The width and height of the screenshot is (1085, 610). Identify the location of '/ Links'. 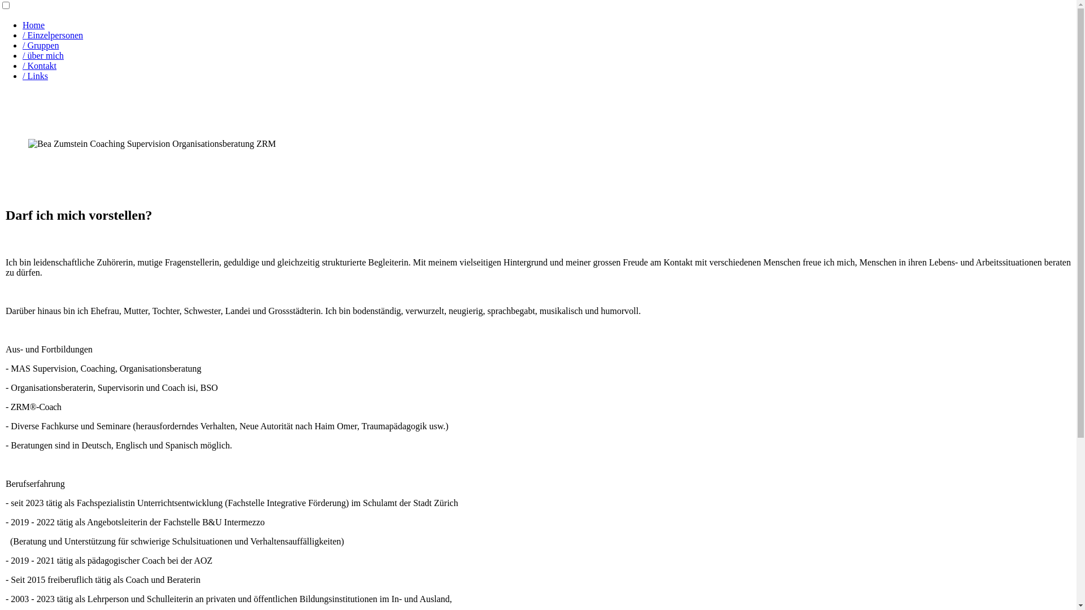
(35, 76).